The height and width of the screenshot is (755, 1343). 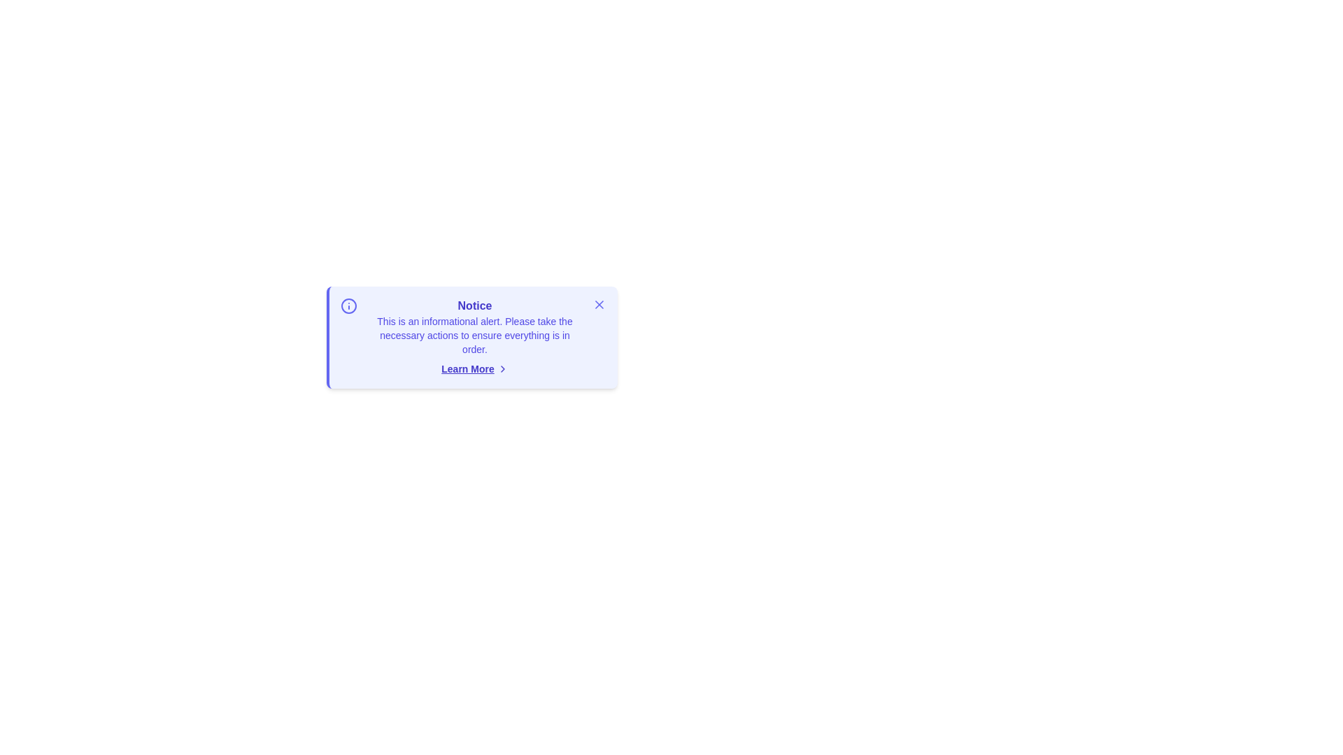 I want to click on the 'X' button to close the alert box, so click(x=599, y=303).